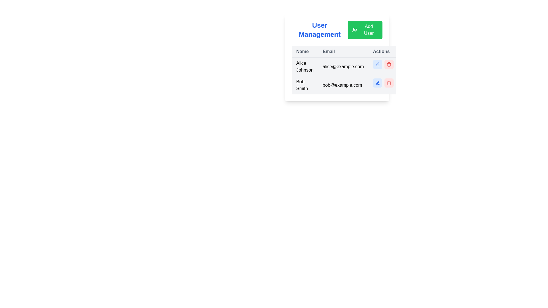 The image size is (548, 308). What do you see at coordinates (344, 70) in the screenshot?
I see `a row` at bounding box center [344, 70].